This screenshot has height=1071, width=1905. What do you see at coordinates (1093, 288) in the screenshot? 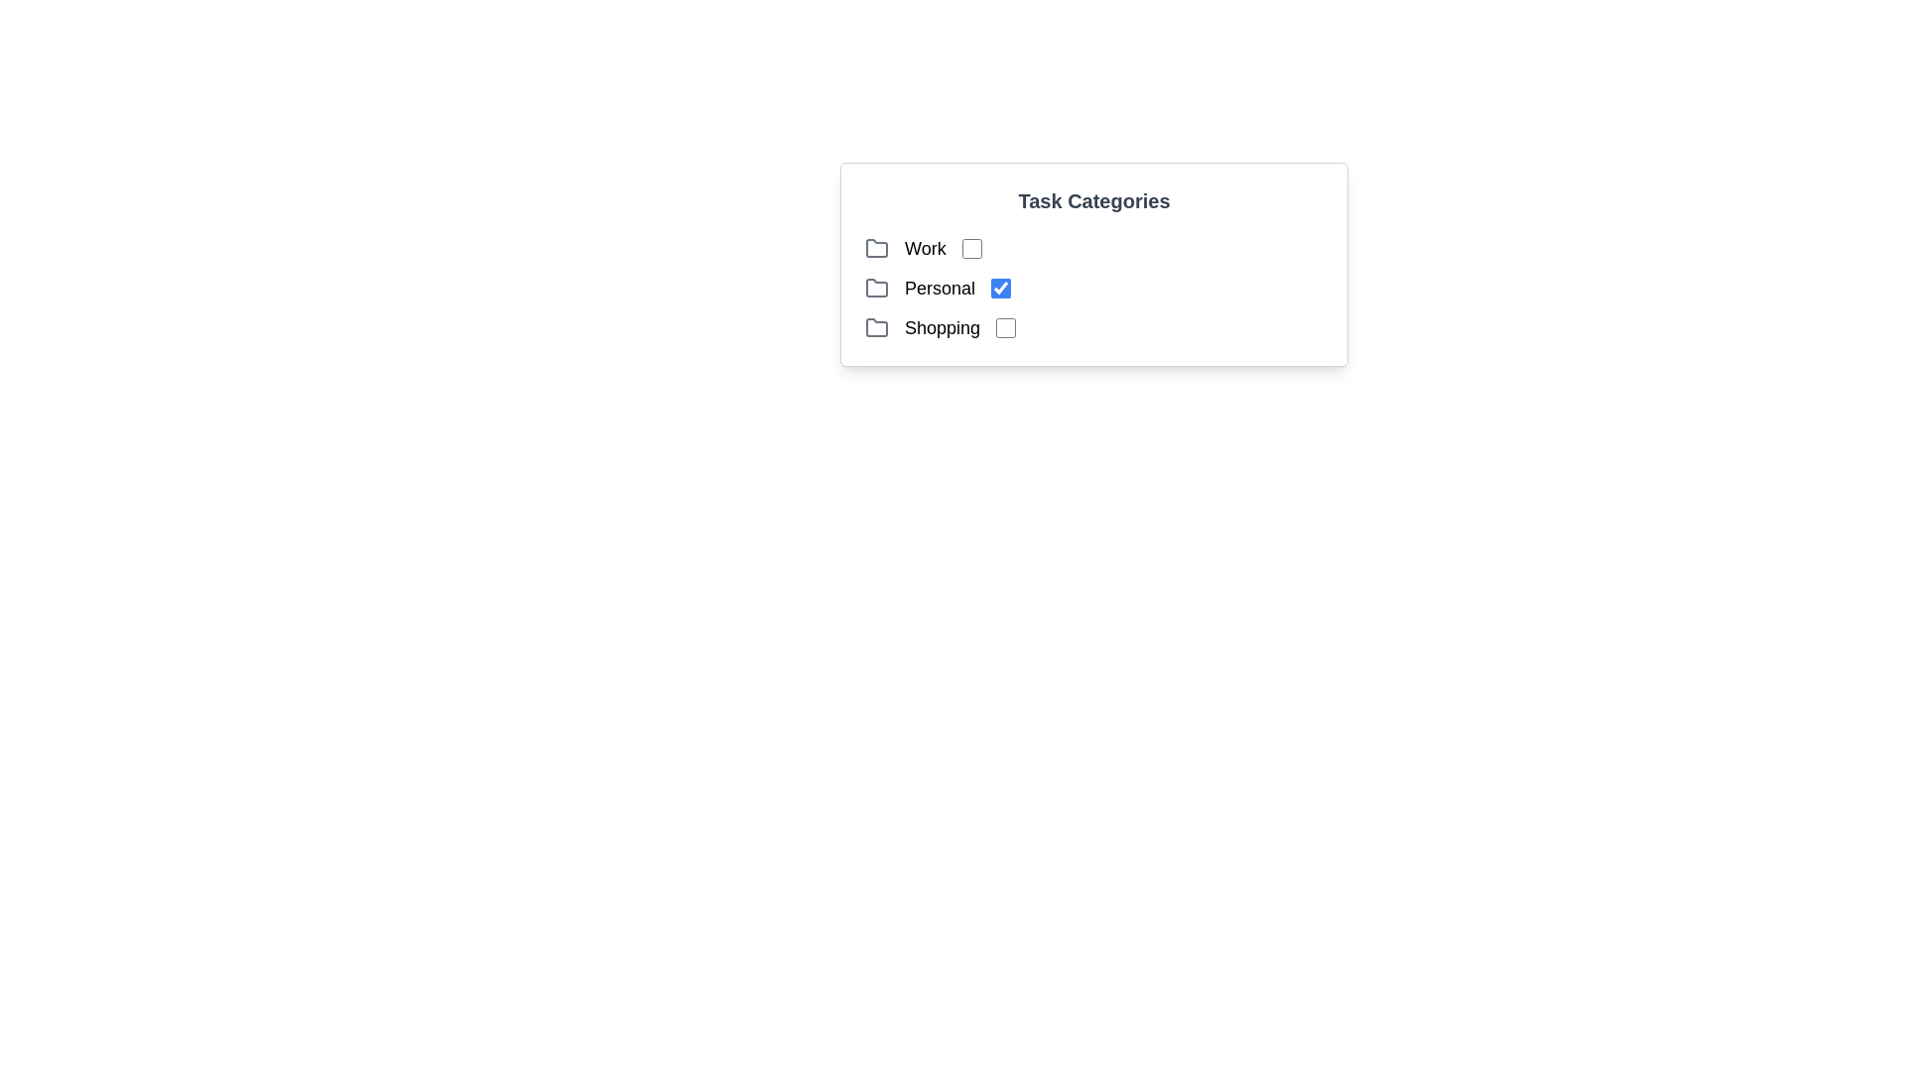
I see `the second row with the checkbox labeled 'Personal' in the task selection menu` at bounding box center [1093, 288].